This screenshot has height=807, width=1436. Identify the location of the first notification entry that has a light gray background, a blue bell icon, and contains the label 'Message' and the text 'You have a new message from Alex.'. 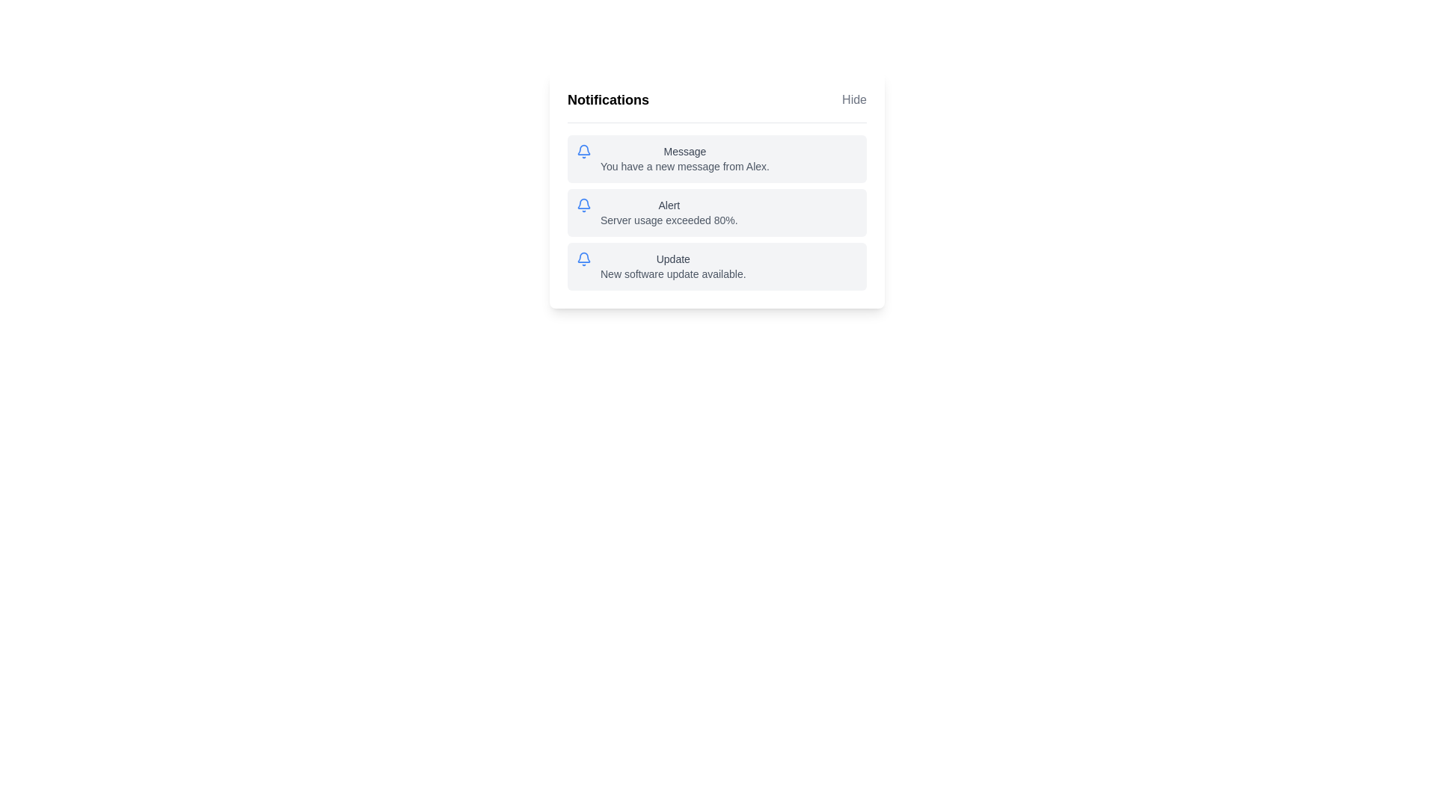
(717, 158).